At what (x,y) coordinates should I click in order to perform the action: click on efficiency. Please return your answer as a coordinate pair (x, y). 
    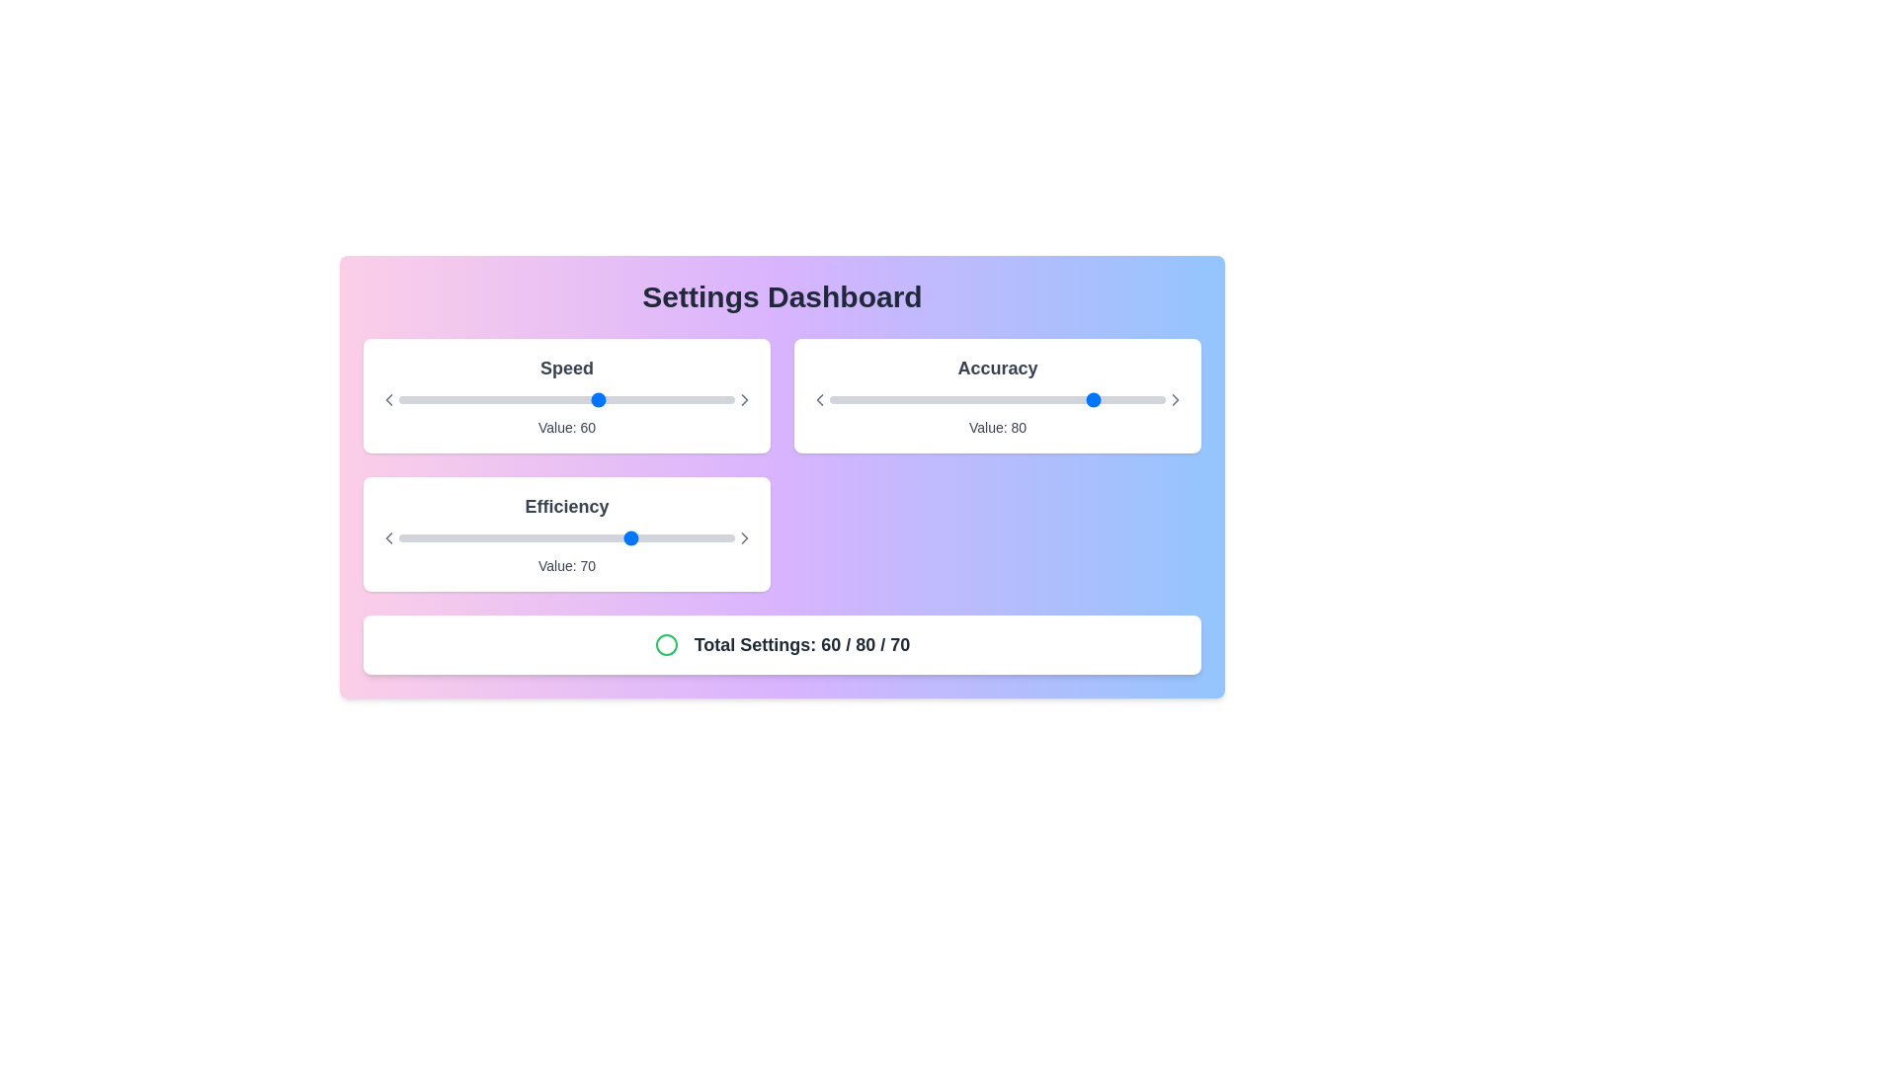
    Looking at the image, I should click on (707, 537).